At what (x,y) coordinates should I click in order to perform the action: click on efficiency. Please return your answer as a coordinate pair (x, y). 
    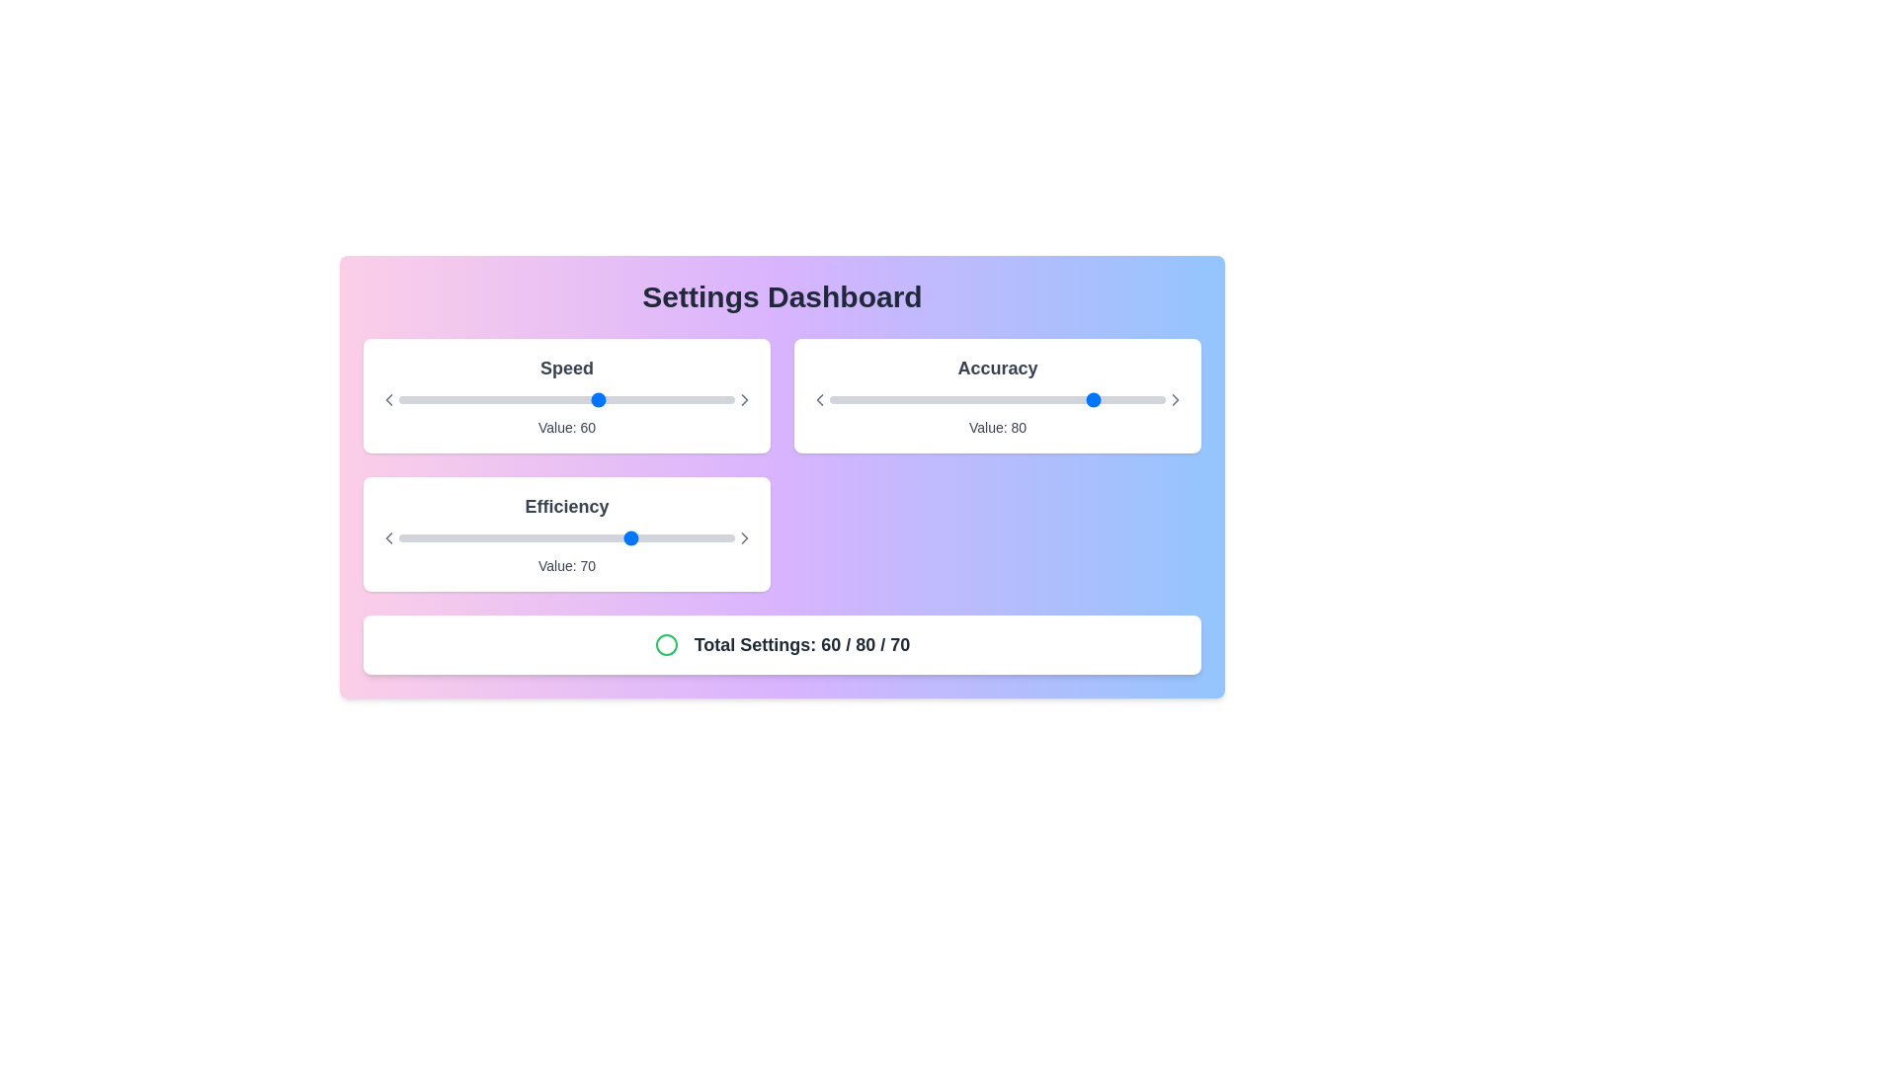
    Looking at the image, I should click on (707, 537).